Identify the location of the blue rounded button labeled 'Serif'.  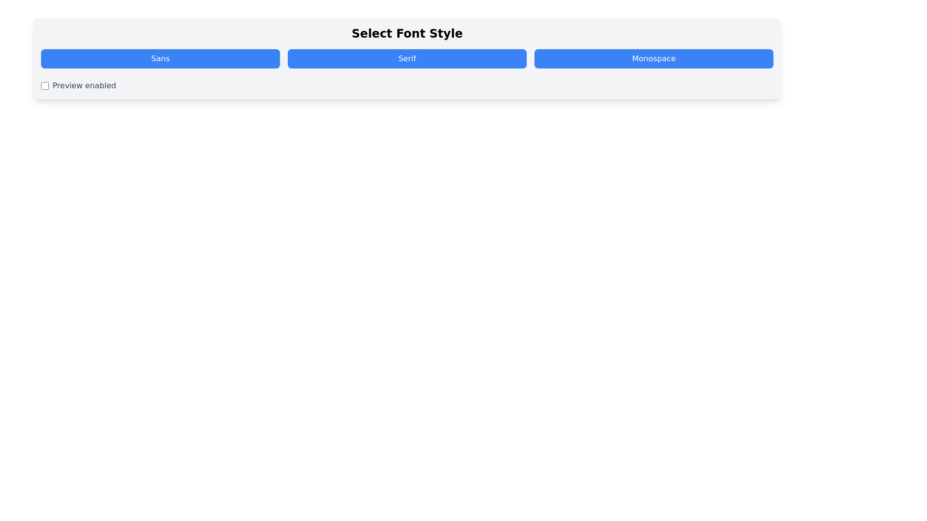
(407, 59).